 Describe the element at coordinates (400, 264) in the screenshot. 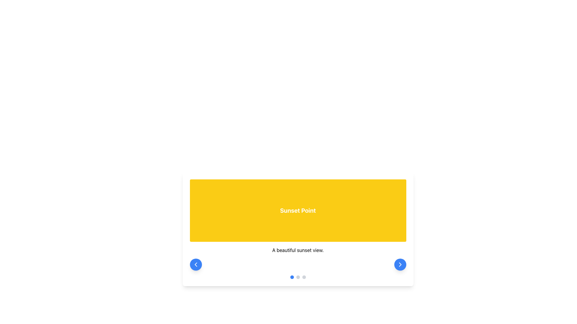

I see `the chevron icon button located in the bottom right corner of the card layout` at that location.